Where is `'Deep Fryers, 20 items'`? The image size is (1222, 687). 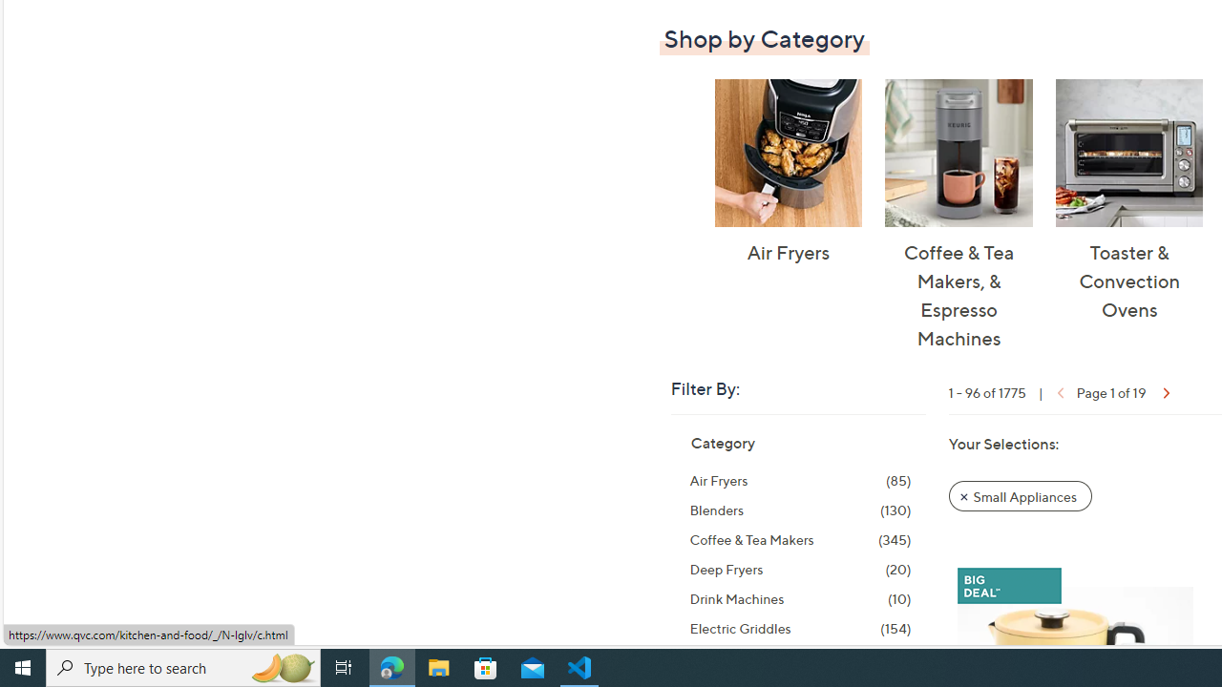 'Deep Fryers, 20 items' is located at coordinates (800, 568).